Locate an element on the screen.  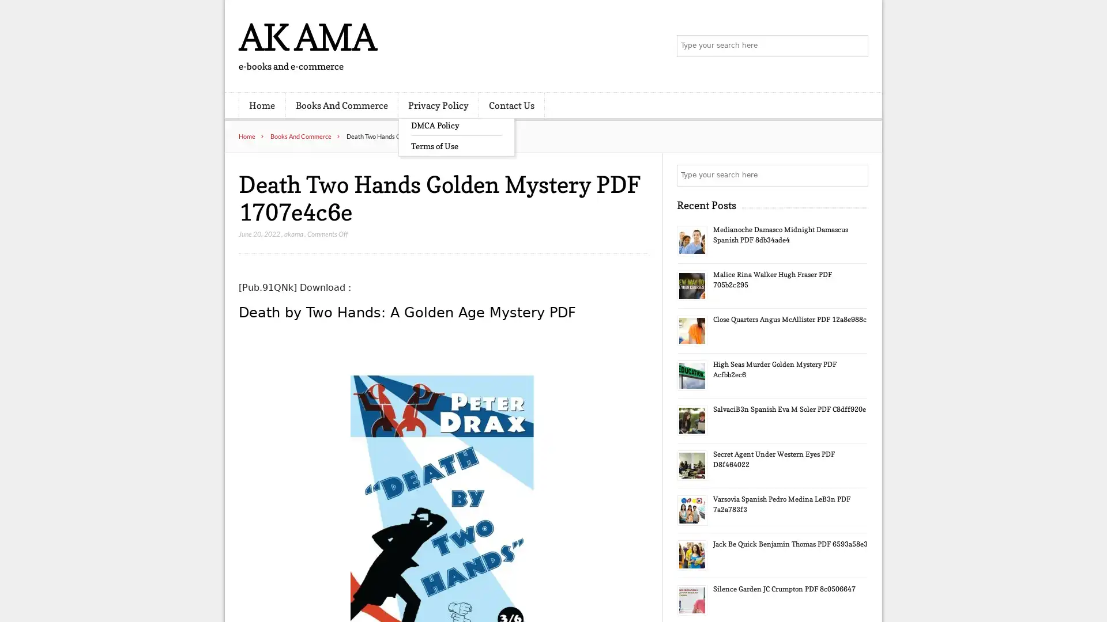
Search is located at coordinates (856, 46).